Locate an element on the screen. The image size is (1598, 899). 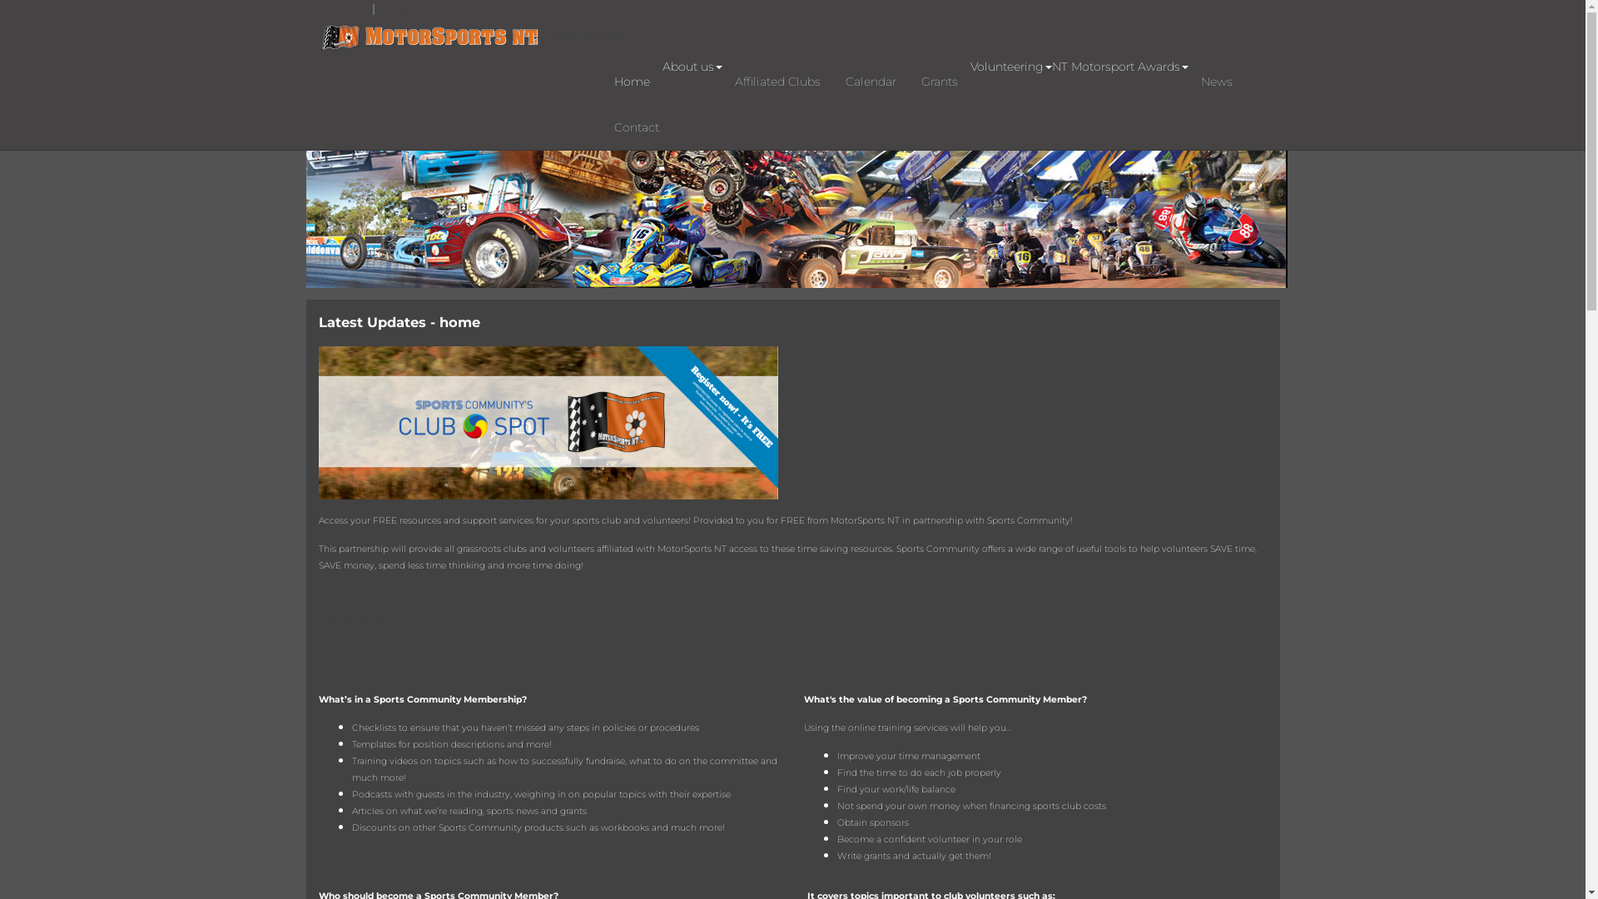
'08  89472733' is located at coordinates (415, 8).